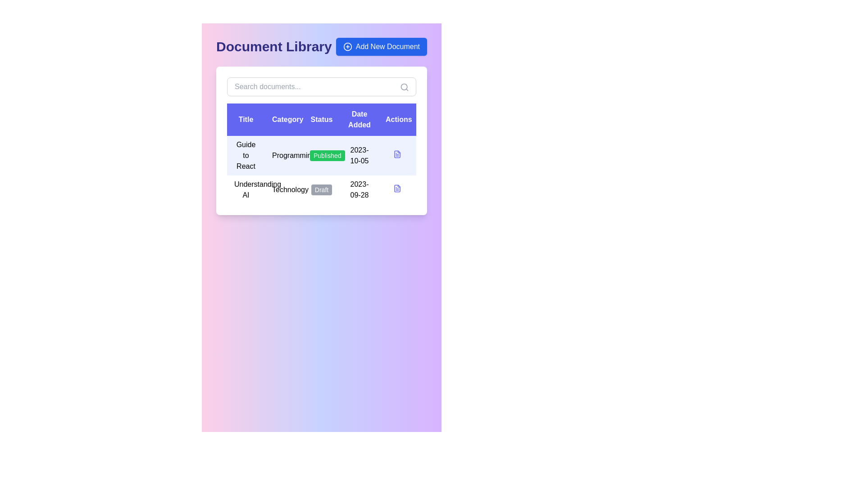 Image resolution: width=865 pixels, height=486 pixels. I want to click on the plain text label displaying 'Technology' located in the second row of the table under the 'Category' column, so click(283, 189).